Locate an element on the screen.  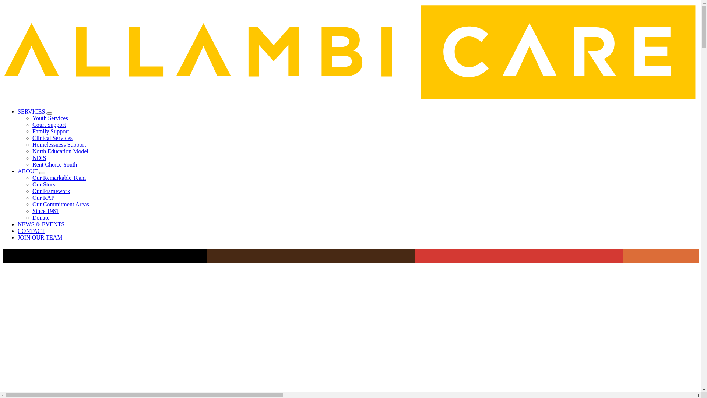
'Clinical Services' is located at coordinates (52, 138).